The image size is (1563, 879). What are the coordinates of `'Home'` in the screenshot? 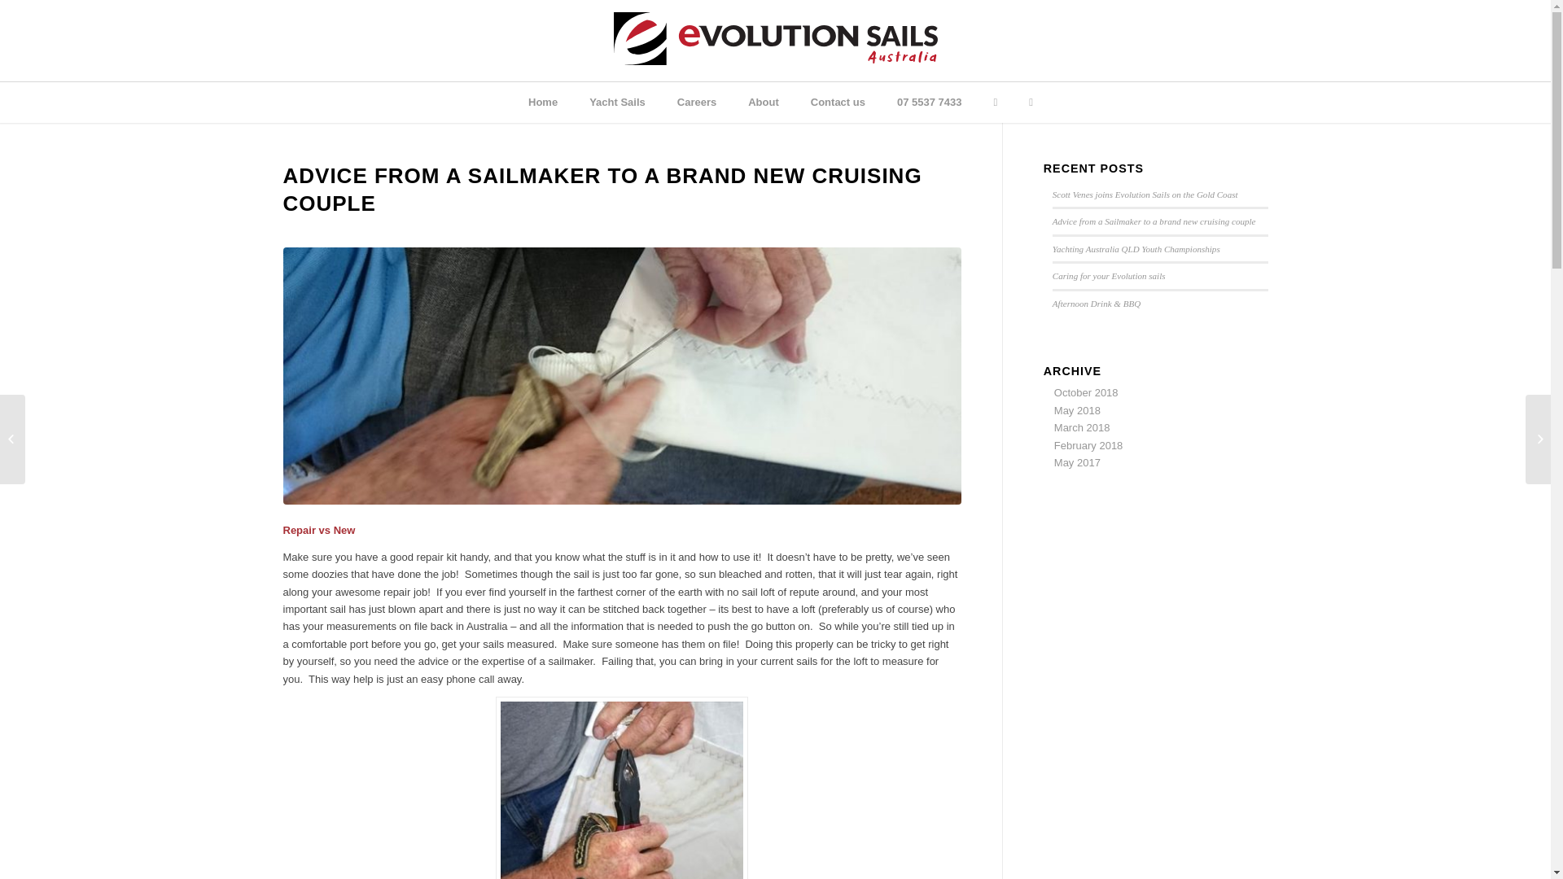 It's located at (516, 103).